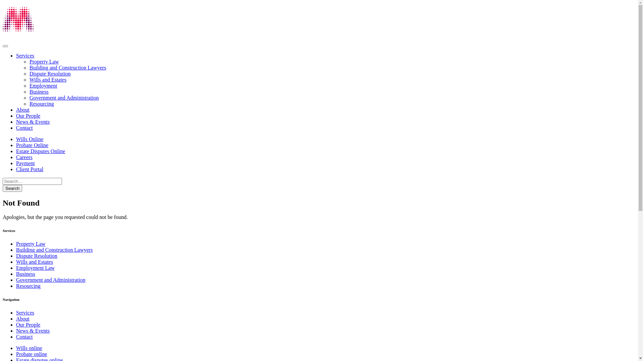 This screenshot has height=361, width=643. I want to click on 'Business', so click(16, 274).